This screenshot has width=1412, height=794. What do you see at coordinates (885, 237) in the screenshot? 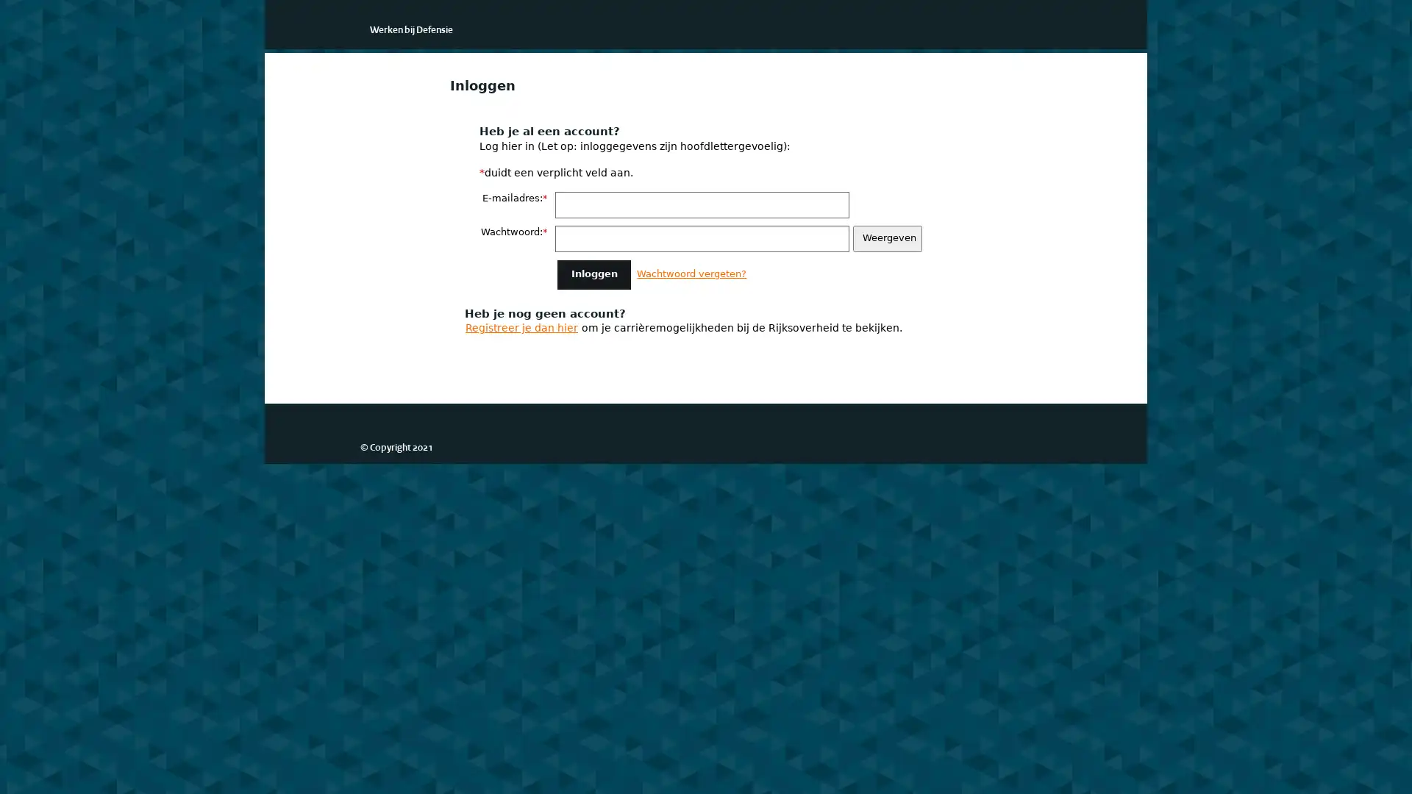
I see `Weergeven` at bounding box center [885, 237].